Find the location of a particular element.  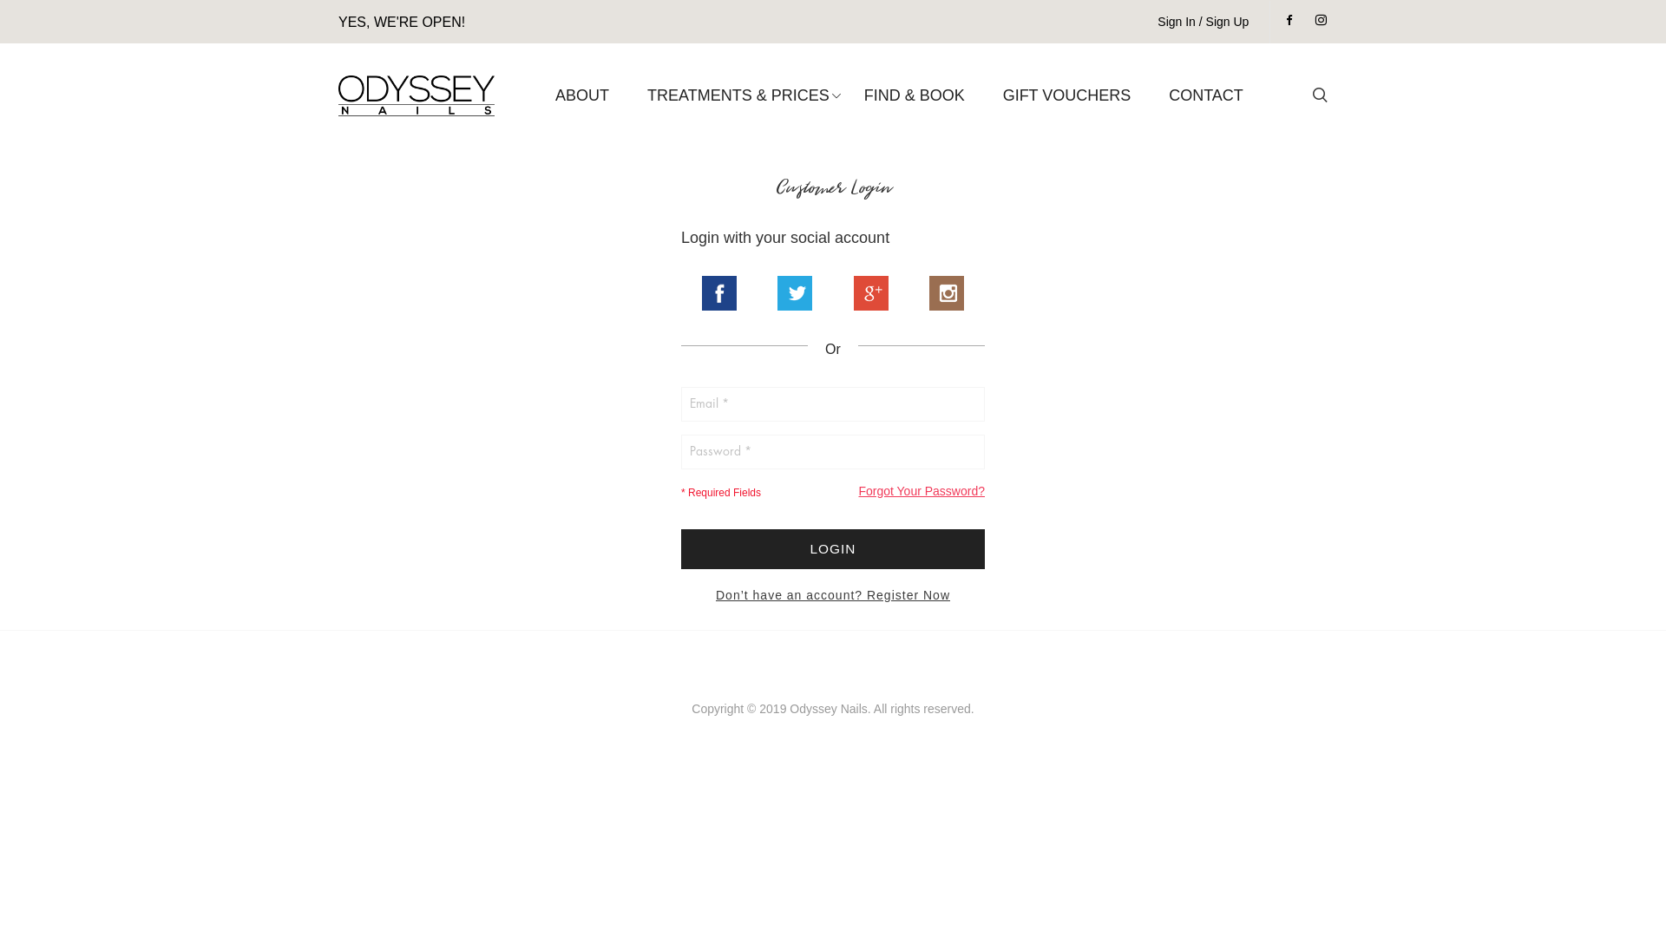

'ABOUT' is located at coordinates (582, 95).